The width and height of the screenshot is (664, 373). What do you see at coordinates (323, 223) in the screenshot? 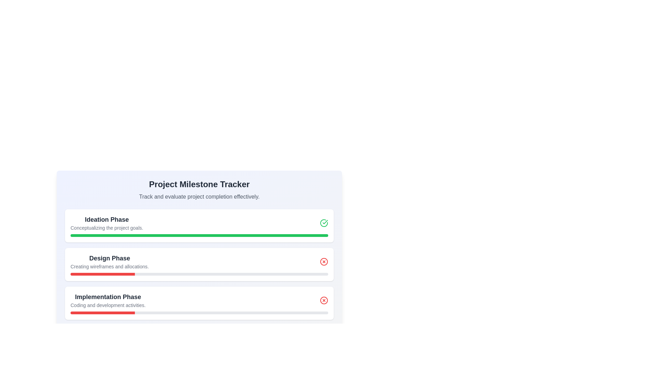
I see `the checkmark icon within a circle, which is outlined in green and located at the right end of the 'Ideation Phase' section` at bounding box center [323, 223].